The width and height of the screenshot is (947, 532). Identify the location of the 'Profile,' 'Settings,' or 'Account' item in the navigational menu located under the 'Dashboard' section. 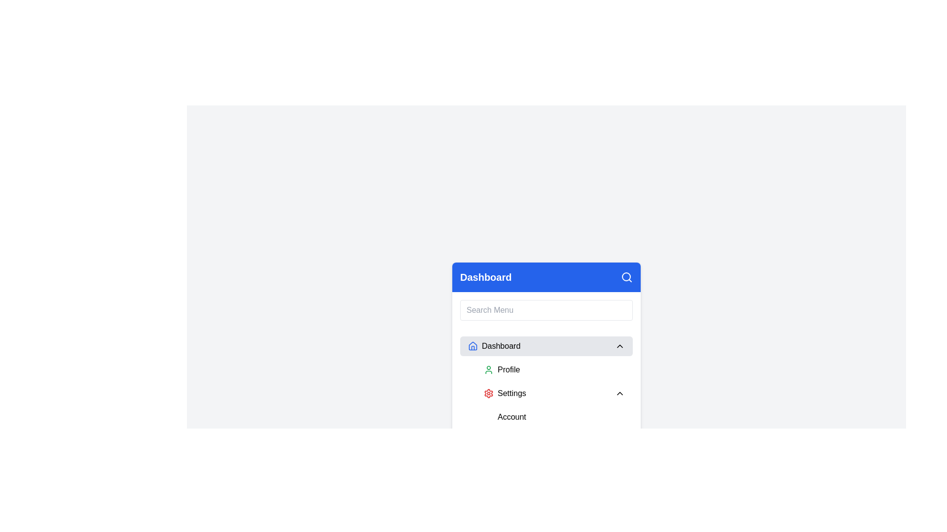
(546, 416).